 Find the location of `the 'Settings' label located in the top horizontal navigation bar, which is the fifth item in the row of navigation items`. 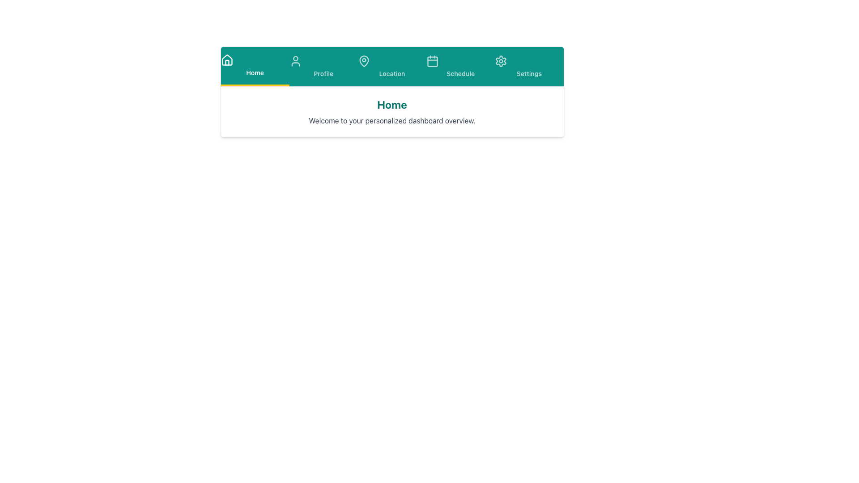

the 'Settings' label located in the top horizontal navigation bar, which is the fifth item in the row of navigation items is located at coordinates (529, 73).